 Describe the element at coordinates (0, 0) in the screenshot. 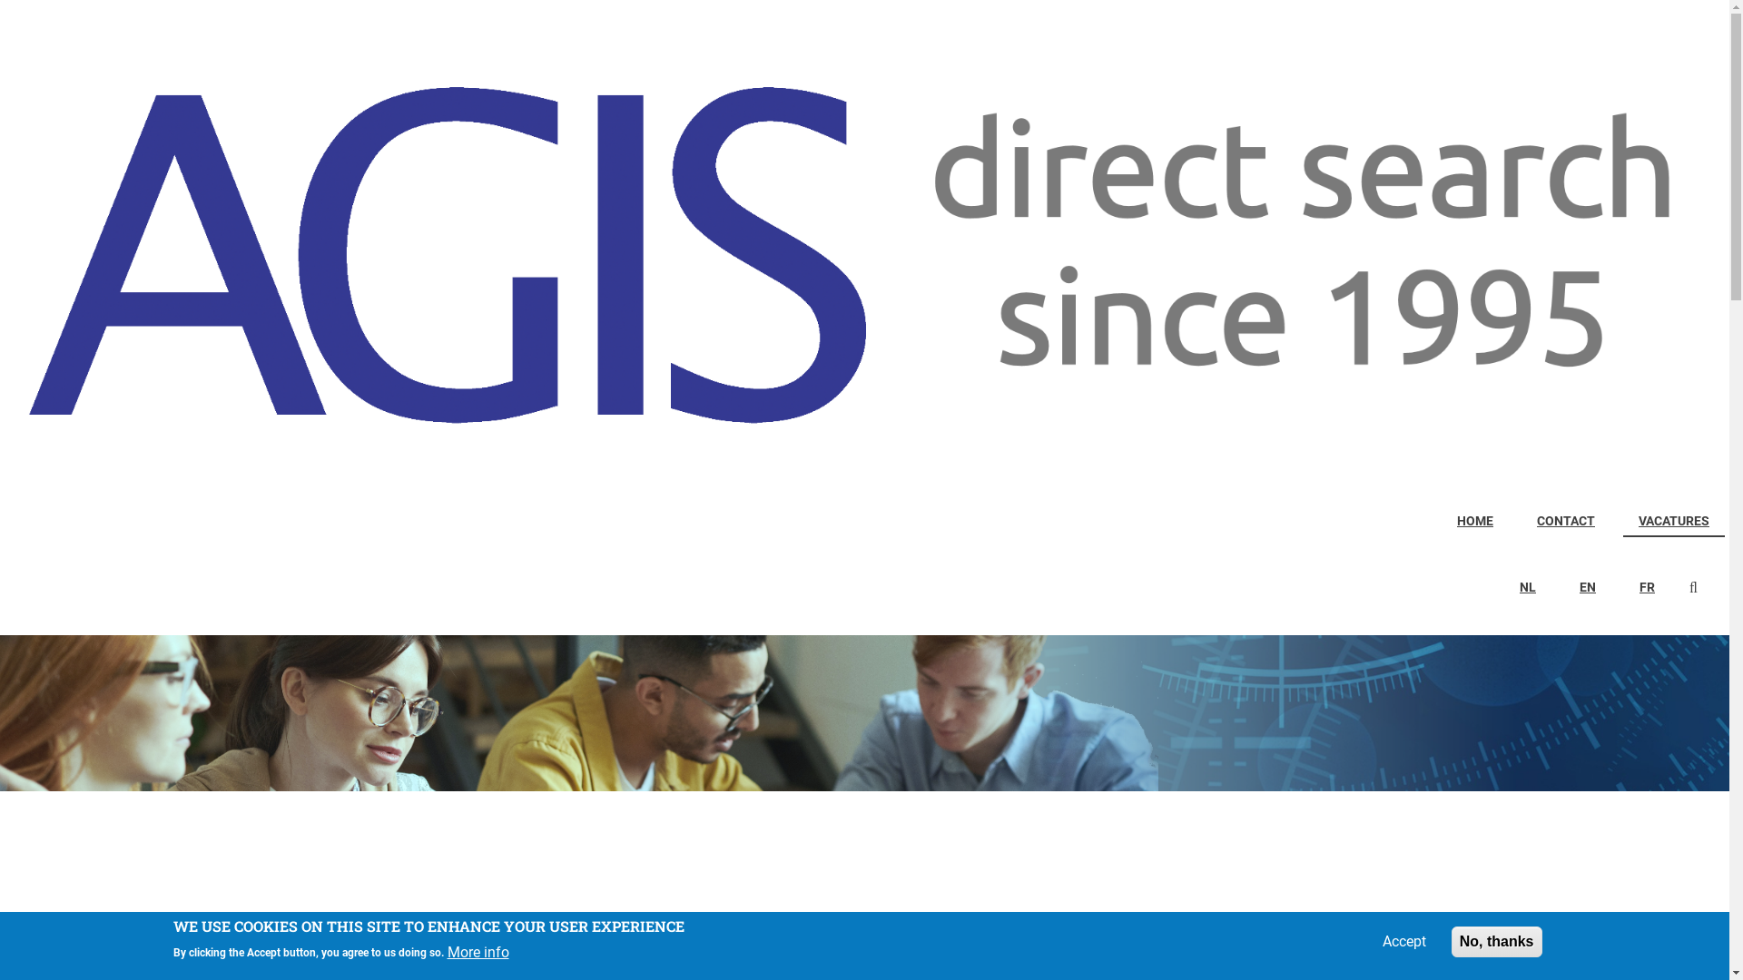

I see `'Skip to main content'` at that location.